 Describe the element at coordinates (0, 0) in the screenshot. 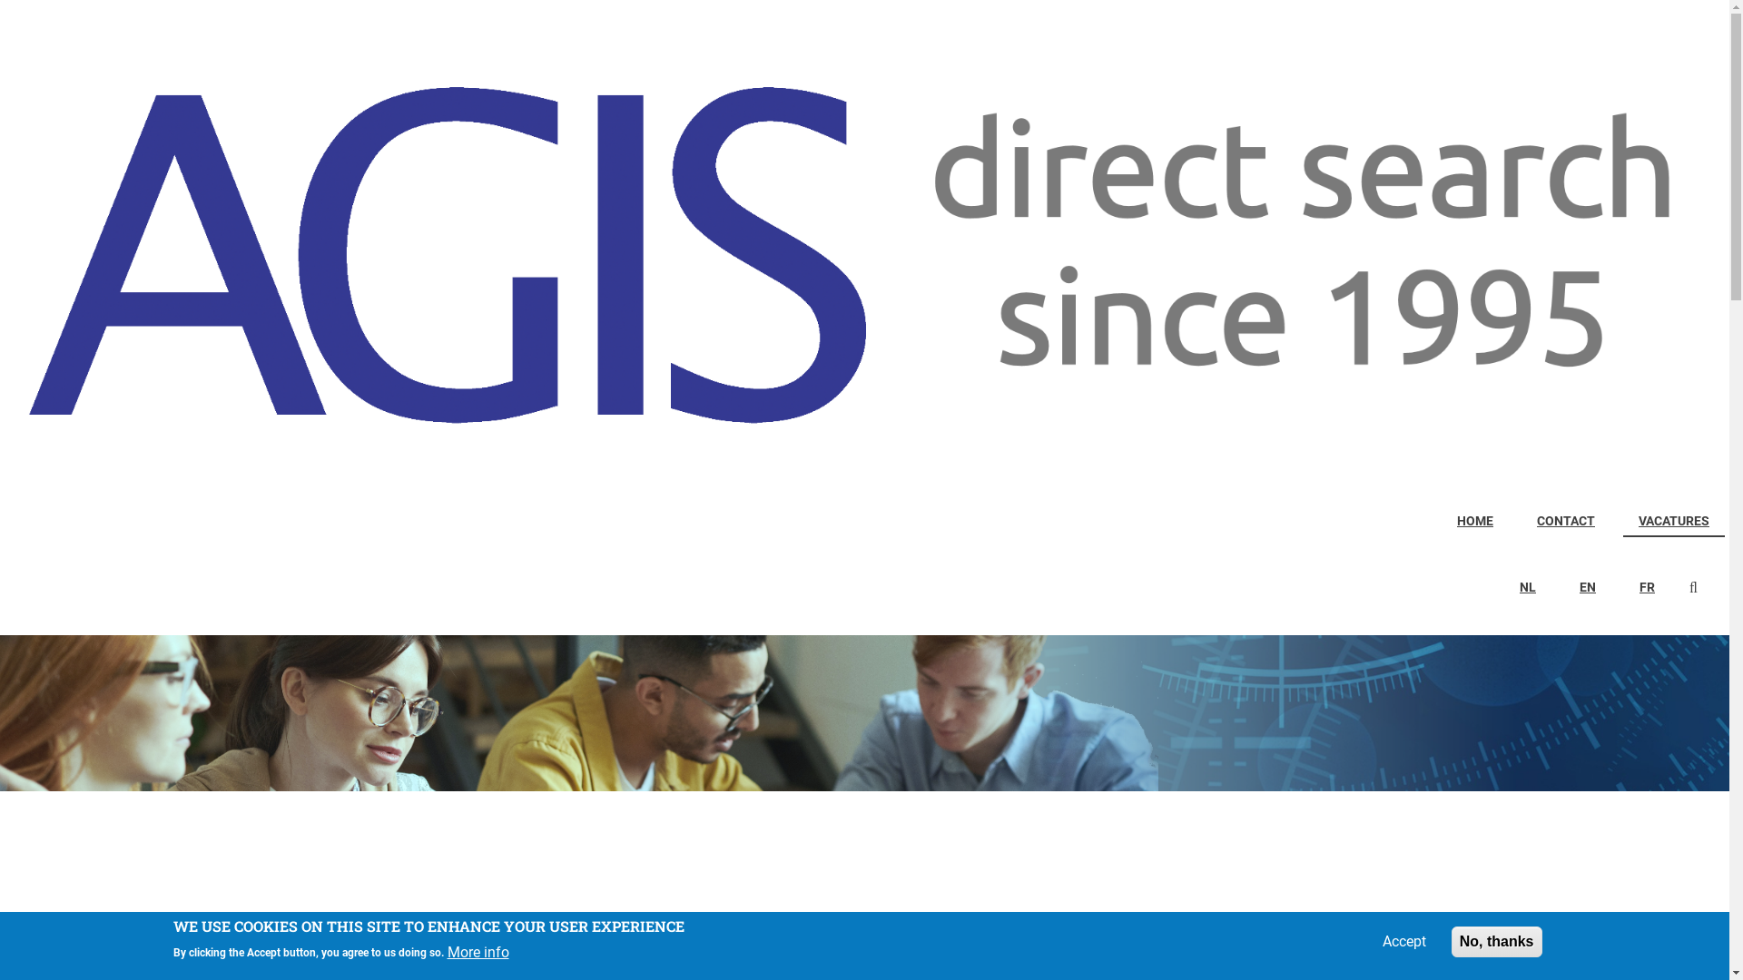

I see `'Skip to main content'` at that location.